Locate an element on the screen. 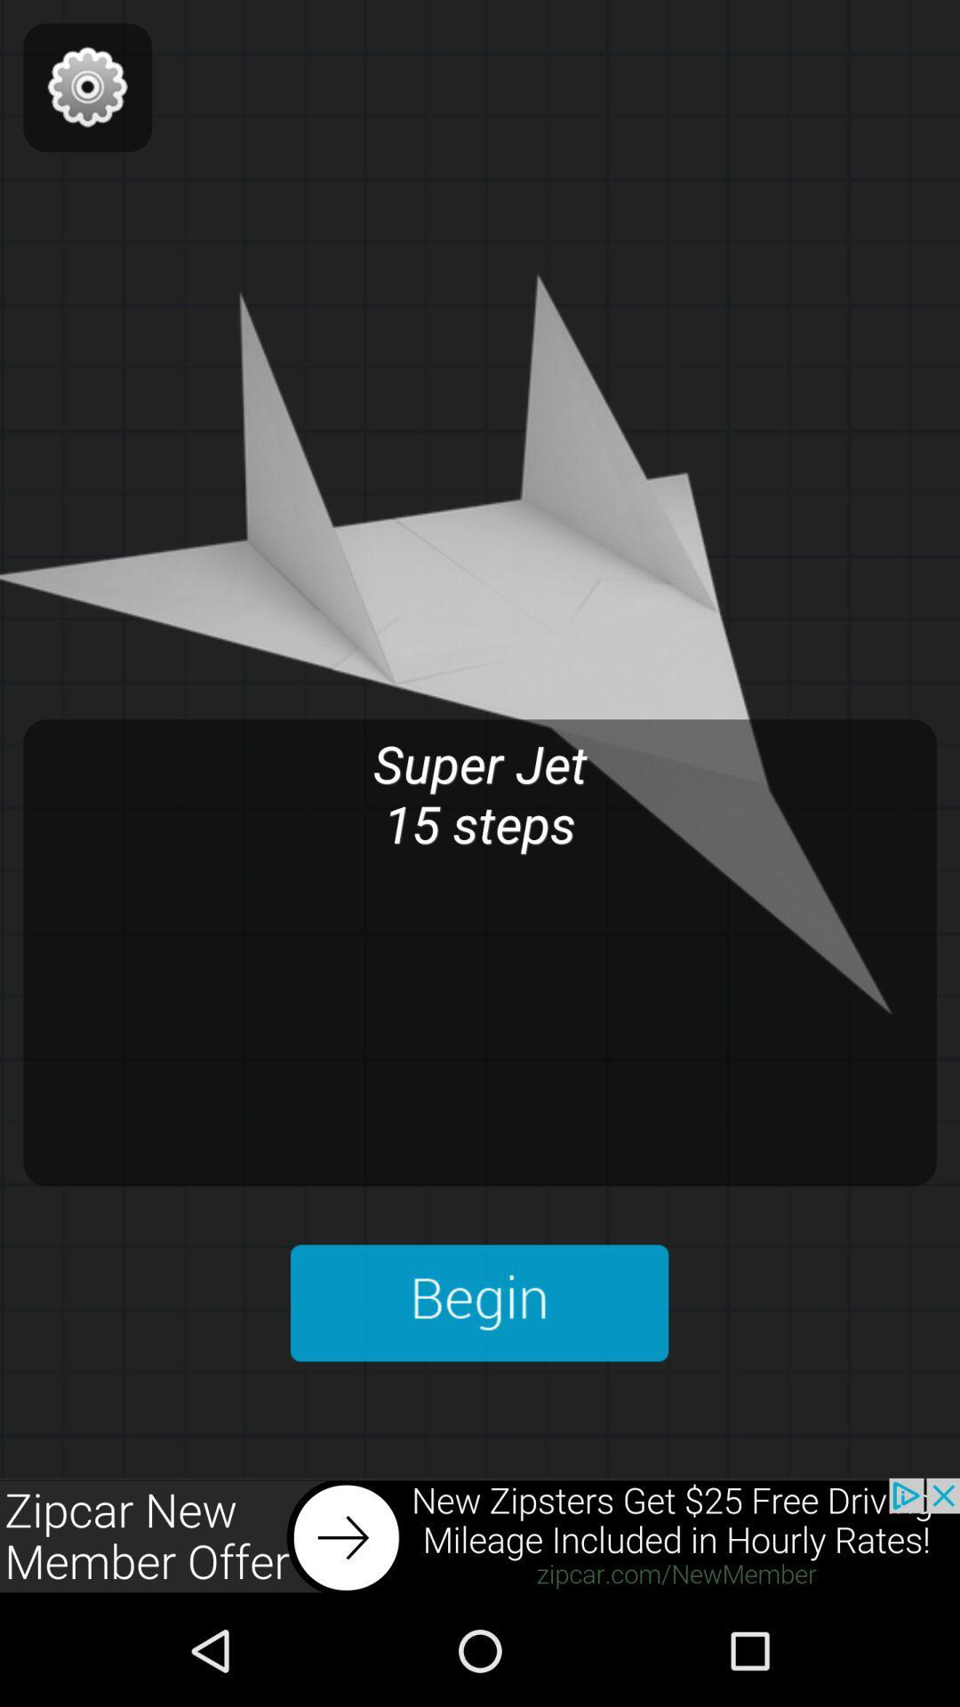  begin option is located at coordinates (478, 1302).